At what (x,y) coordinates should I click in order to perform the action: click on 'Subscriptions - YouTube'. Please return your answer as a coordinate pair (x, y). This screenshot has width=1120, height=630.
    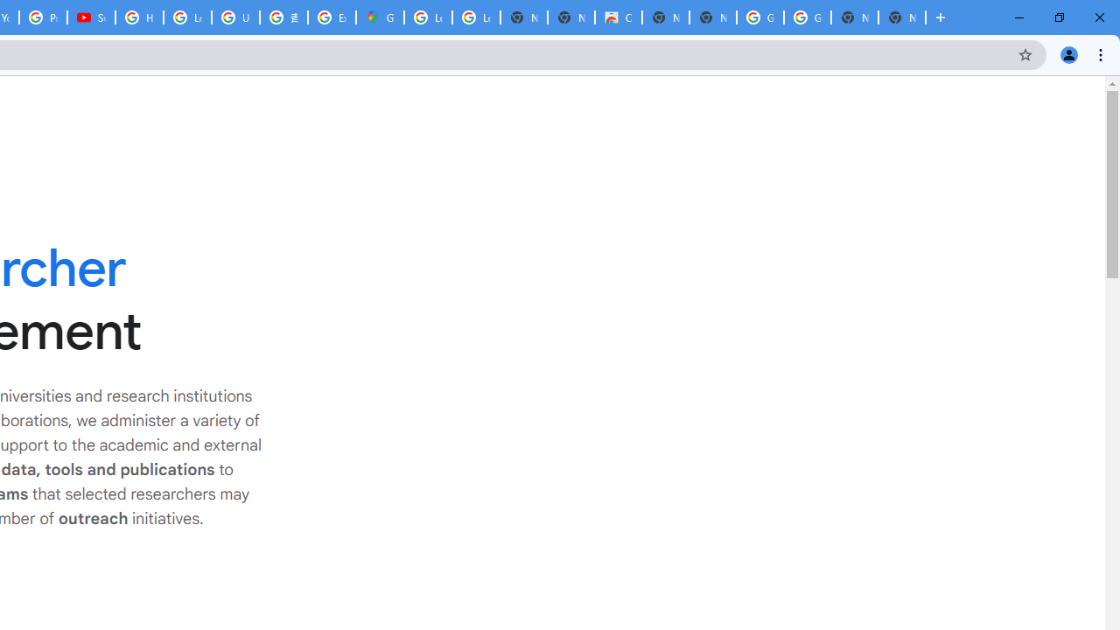
    Looking at the image, I should click on (90, 17).